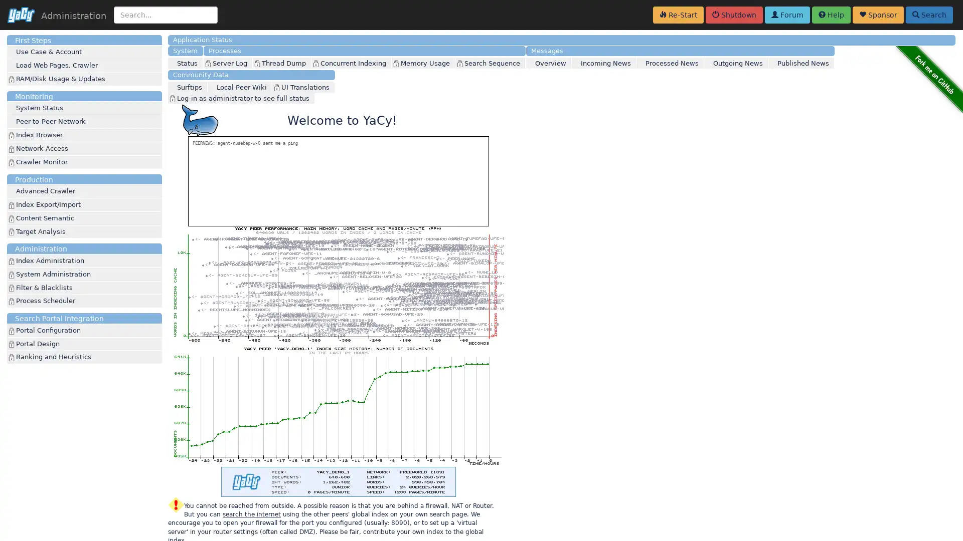 The image size is (963, 541). I want to click on Shutdown, so click(734, 15).